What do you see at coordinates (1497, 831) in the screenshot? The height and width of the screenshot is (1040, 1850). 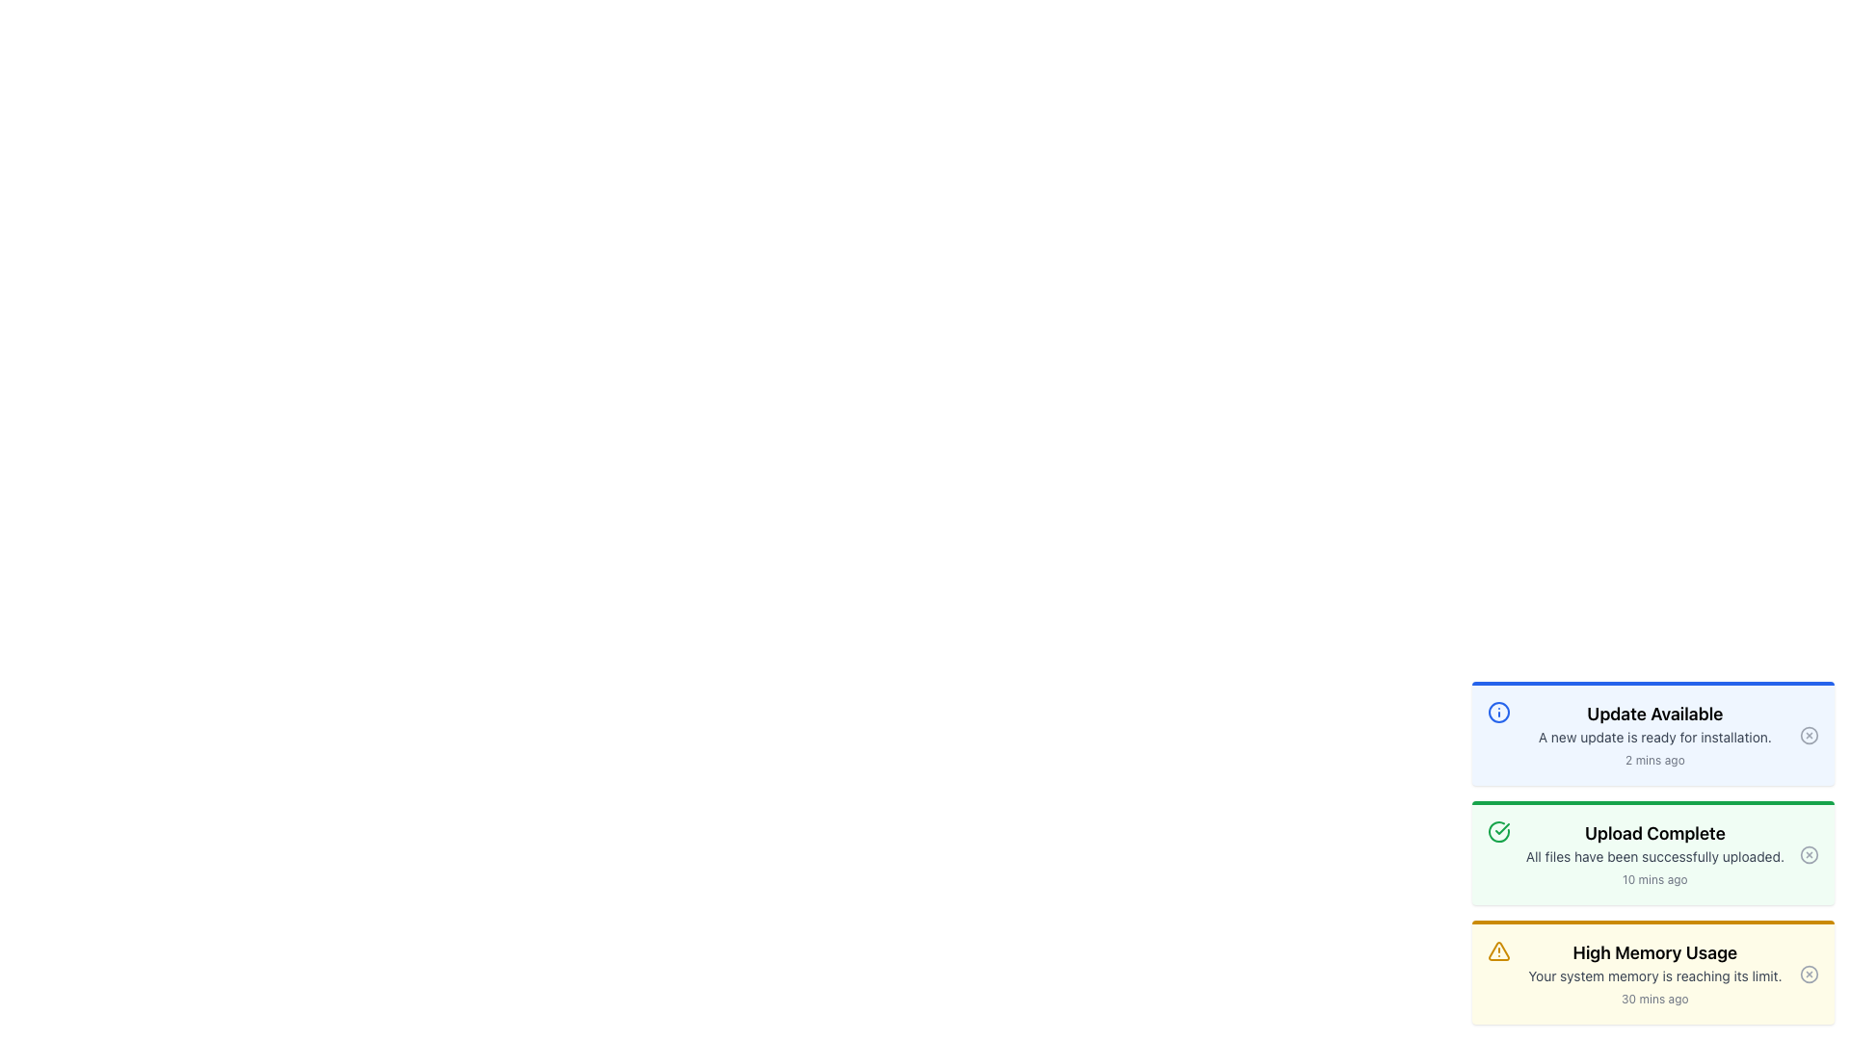 I see `the green circular icon with a checkmark inside, located in the upper-left corner of the 'Upload Complete' notification card` at bounding box center [1497, 831].